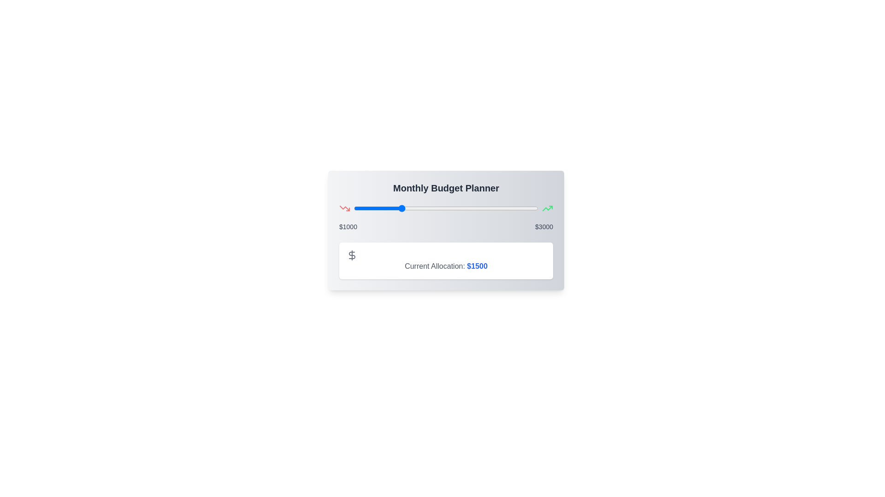 The image size is (885, 497). I want to click on the slider to set the budget allocation to 2784 dollars, so click(518, 208).